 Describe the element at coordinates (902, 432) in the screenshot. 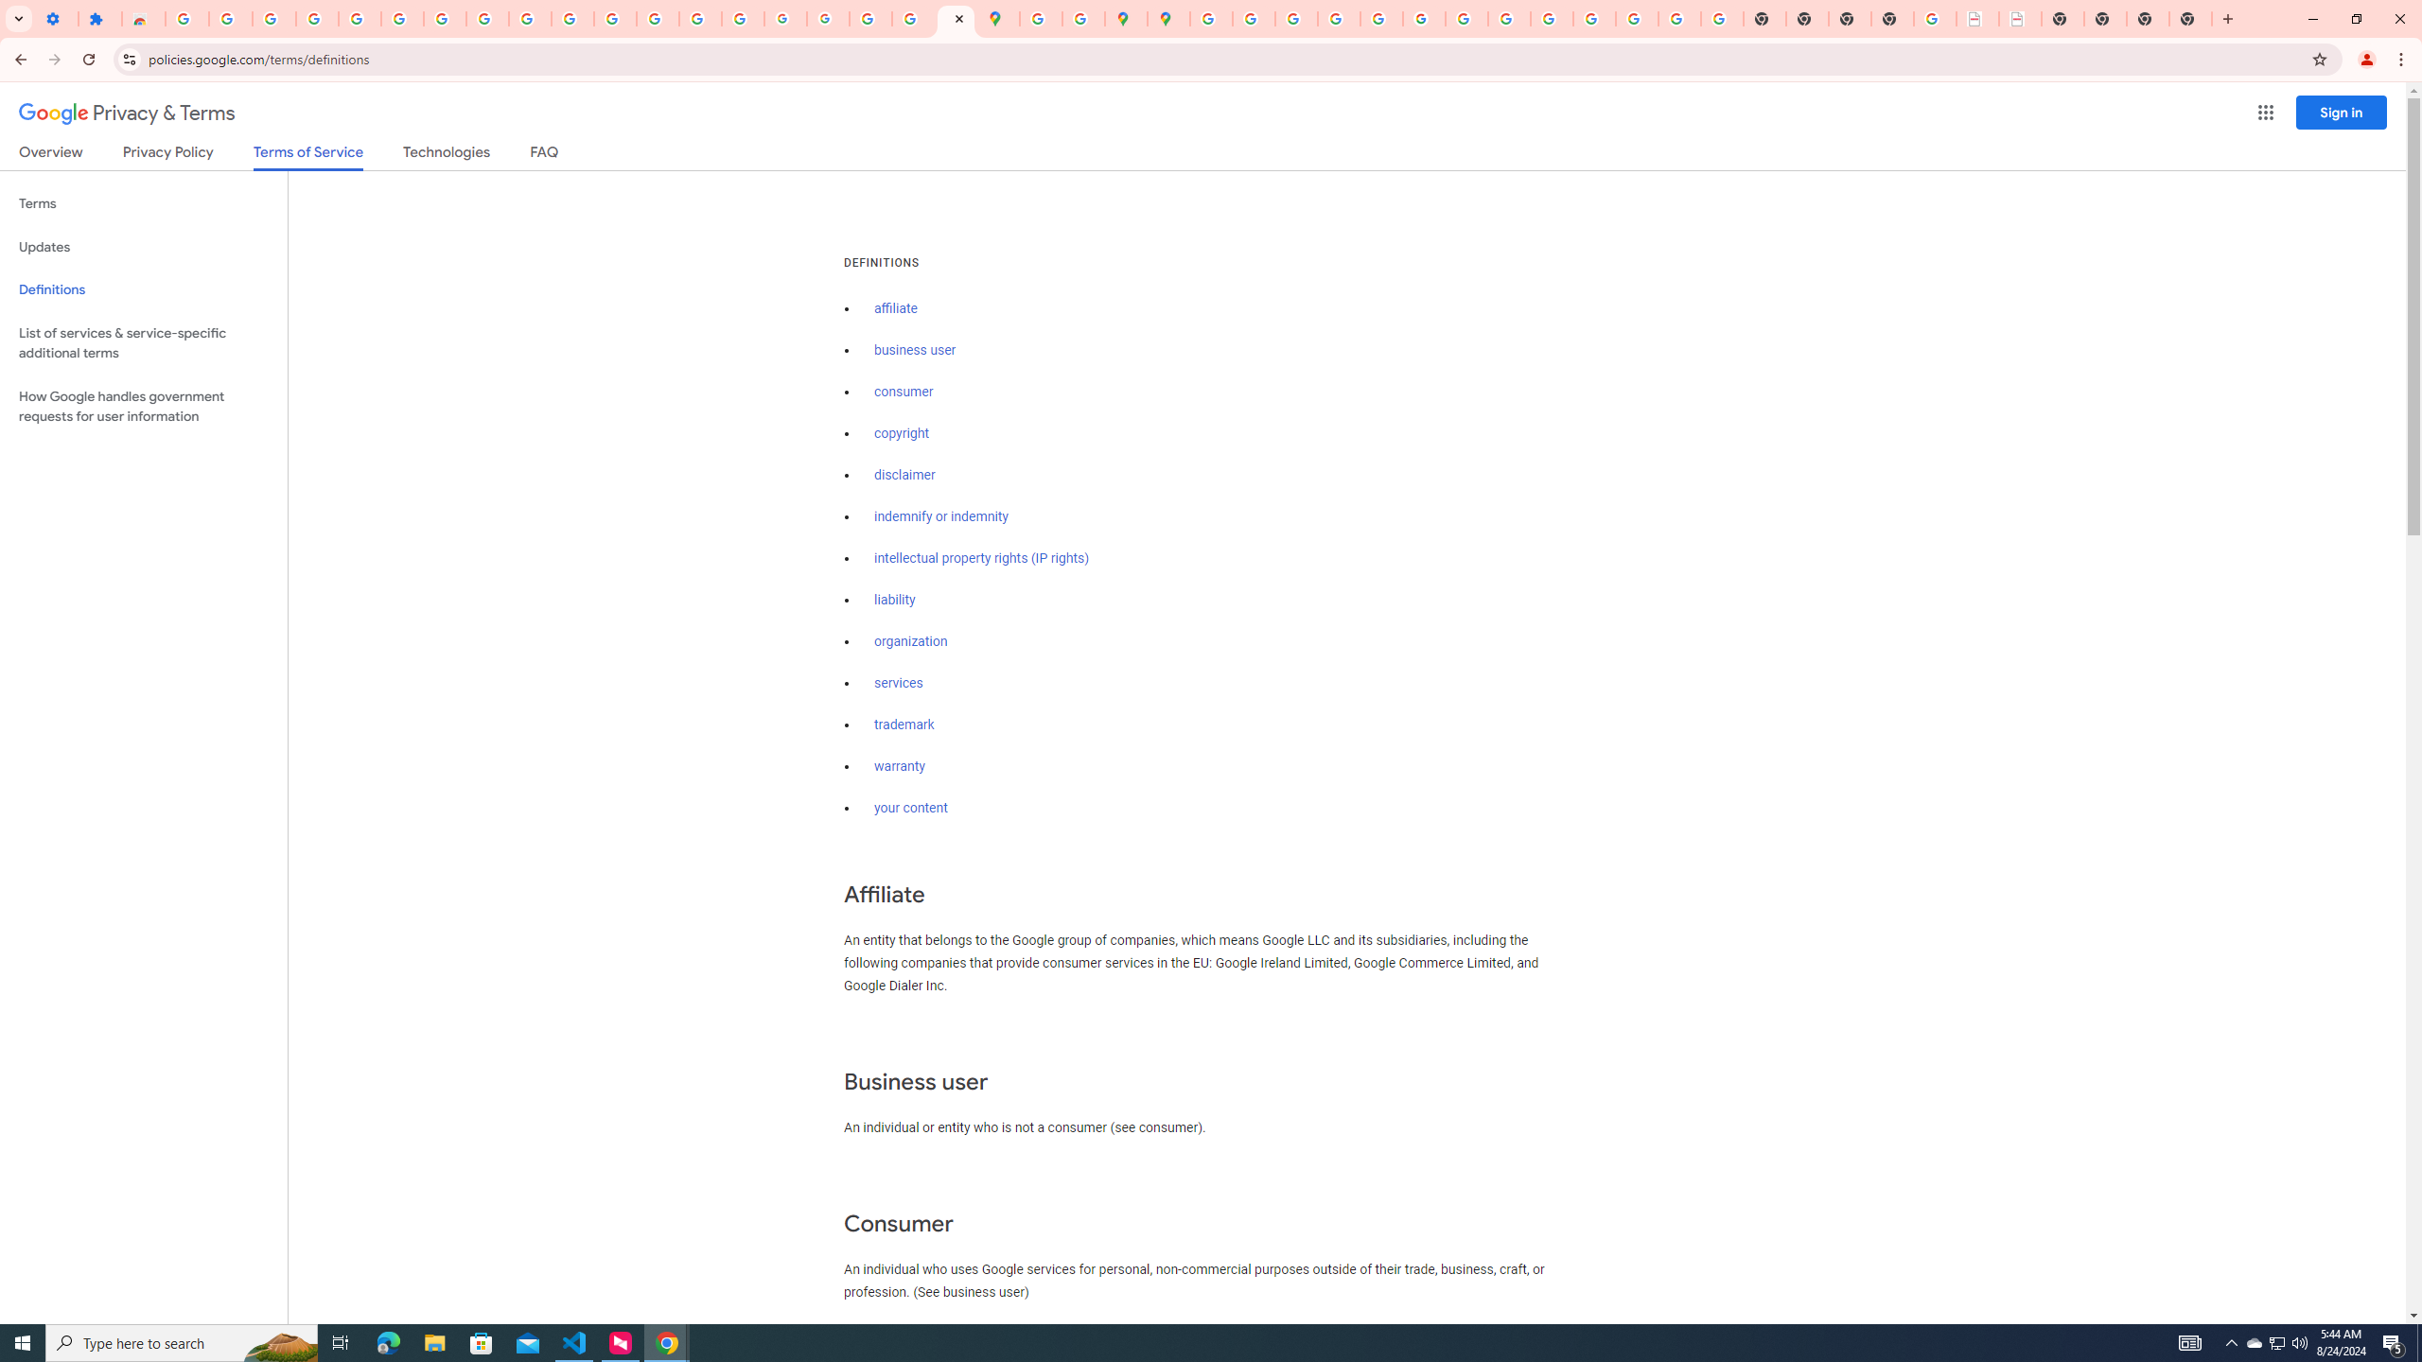

I see `'copyright'` at that location.